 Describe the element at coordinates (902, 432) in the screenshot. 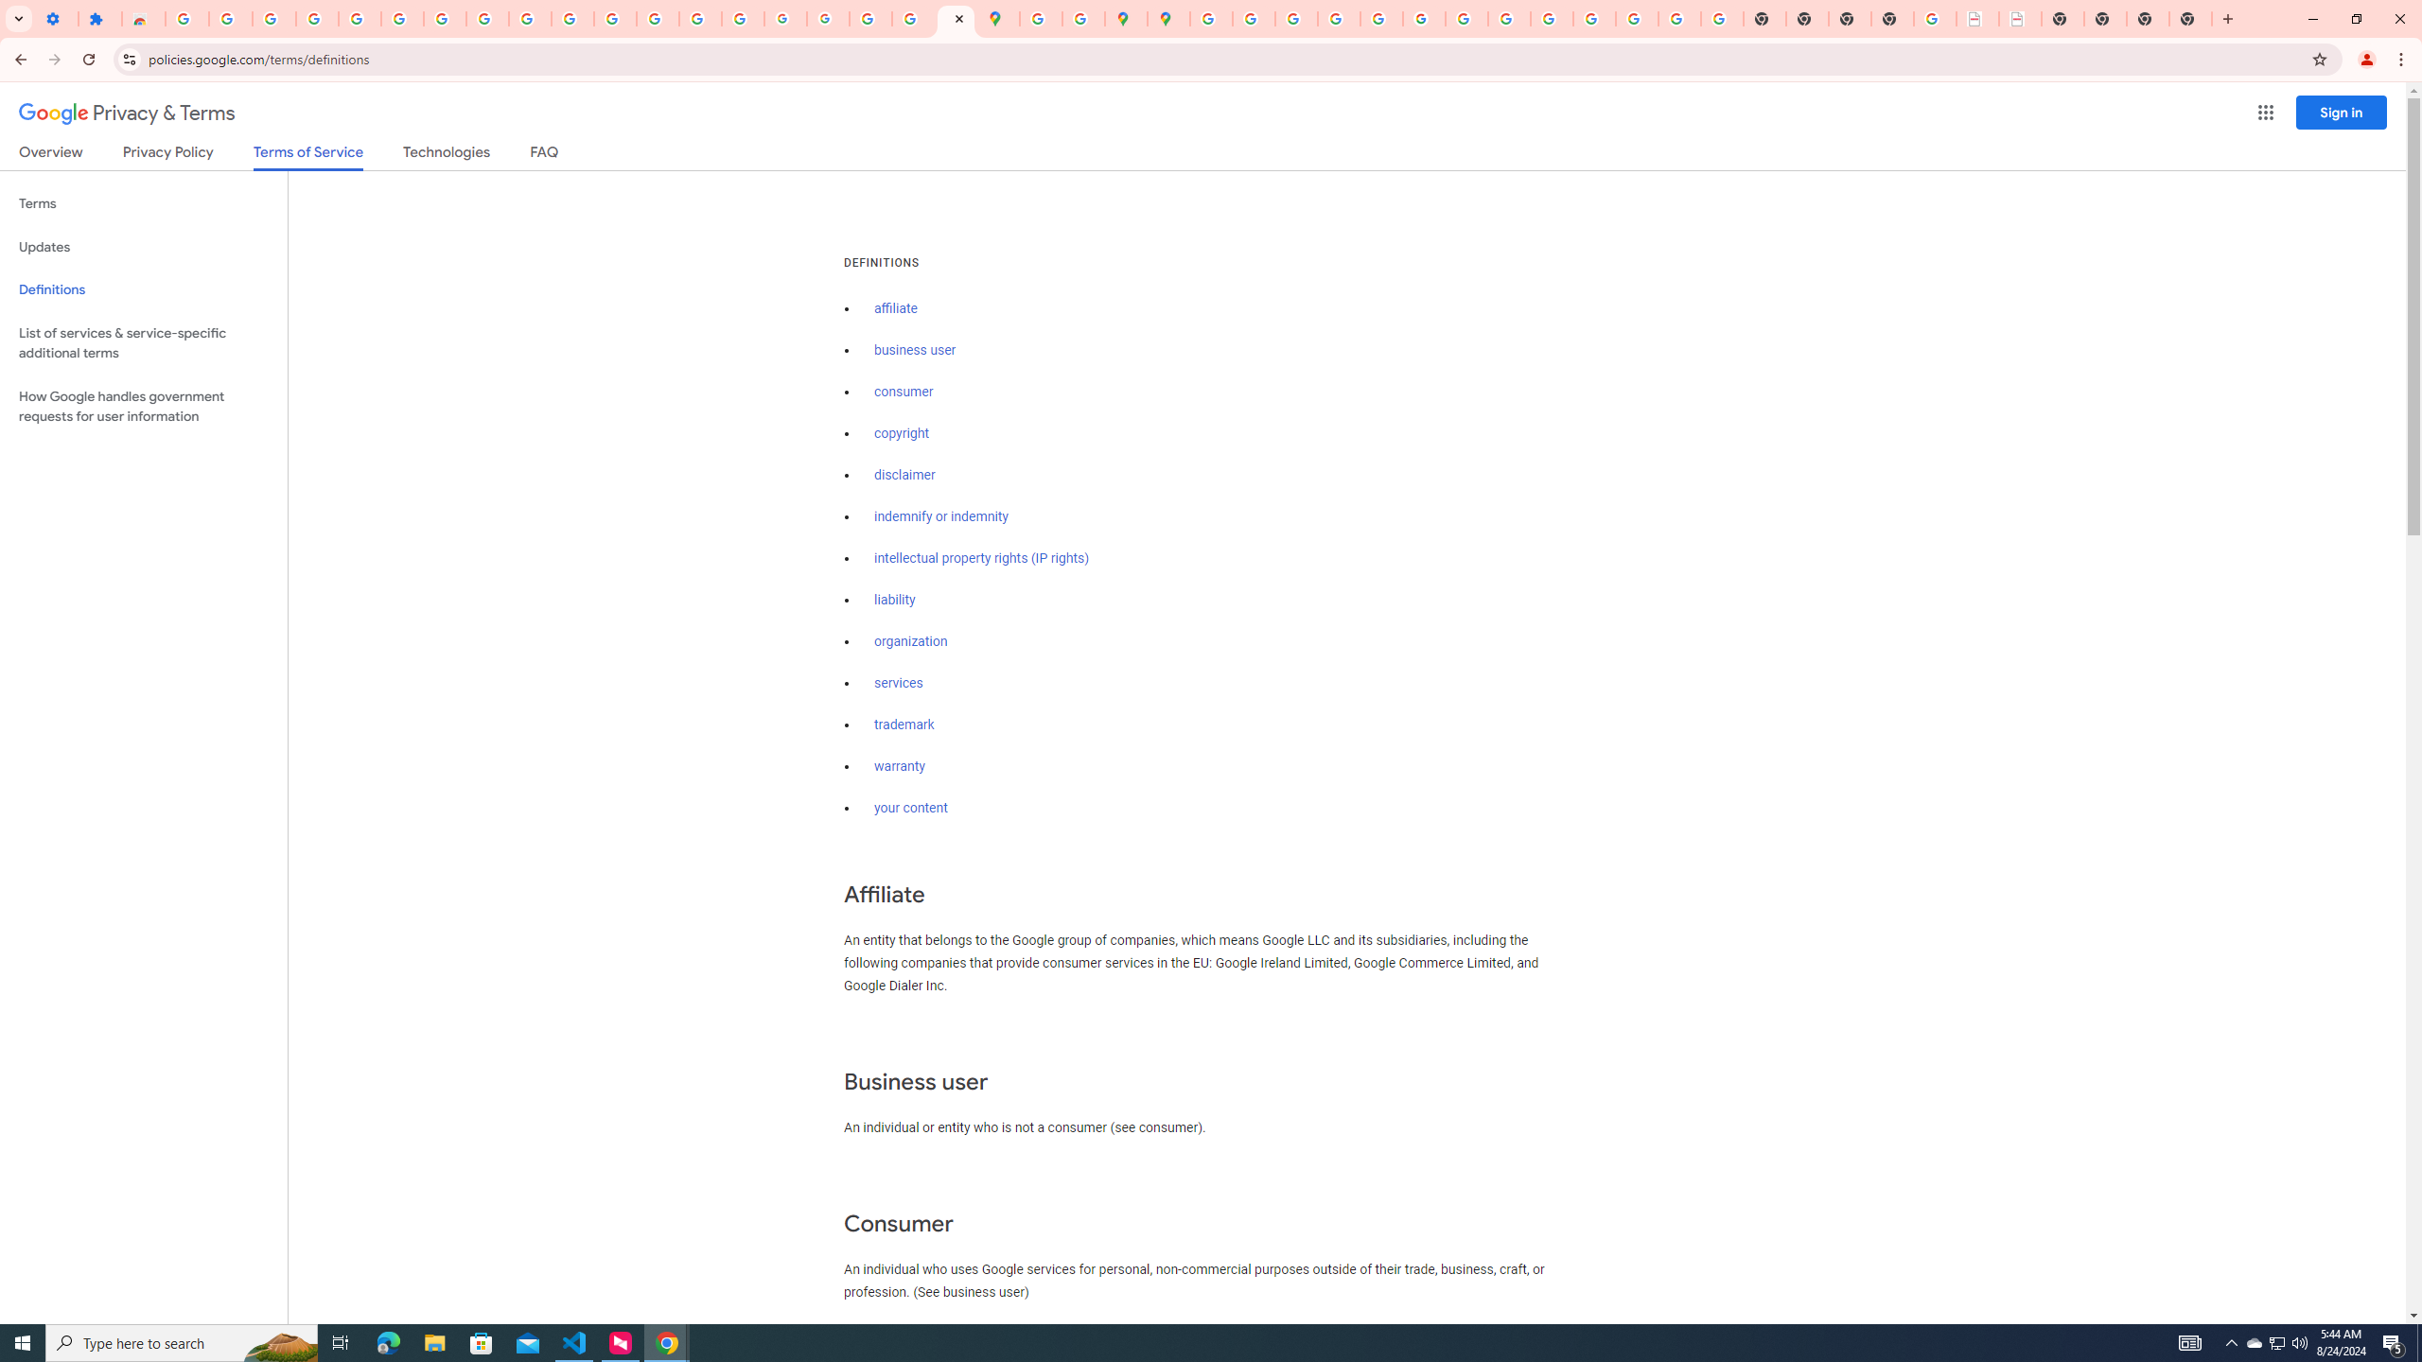

I see `'copyright'` at that location.